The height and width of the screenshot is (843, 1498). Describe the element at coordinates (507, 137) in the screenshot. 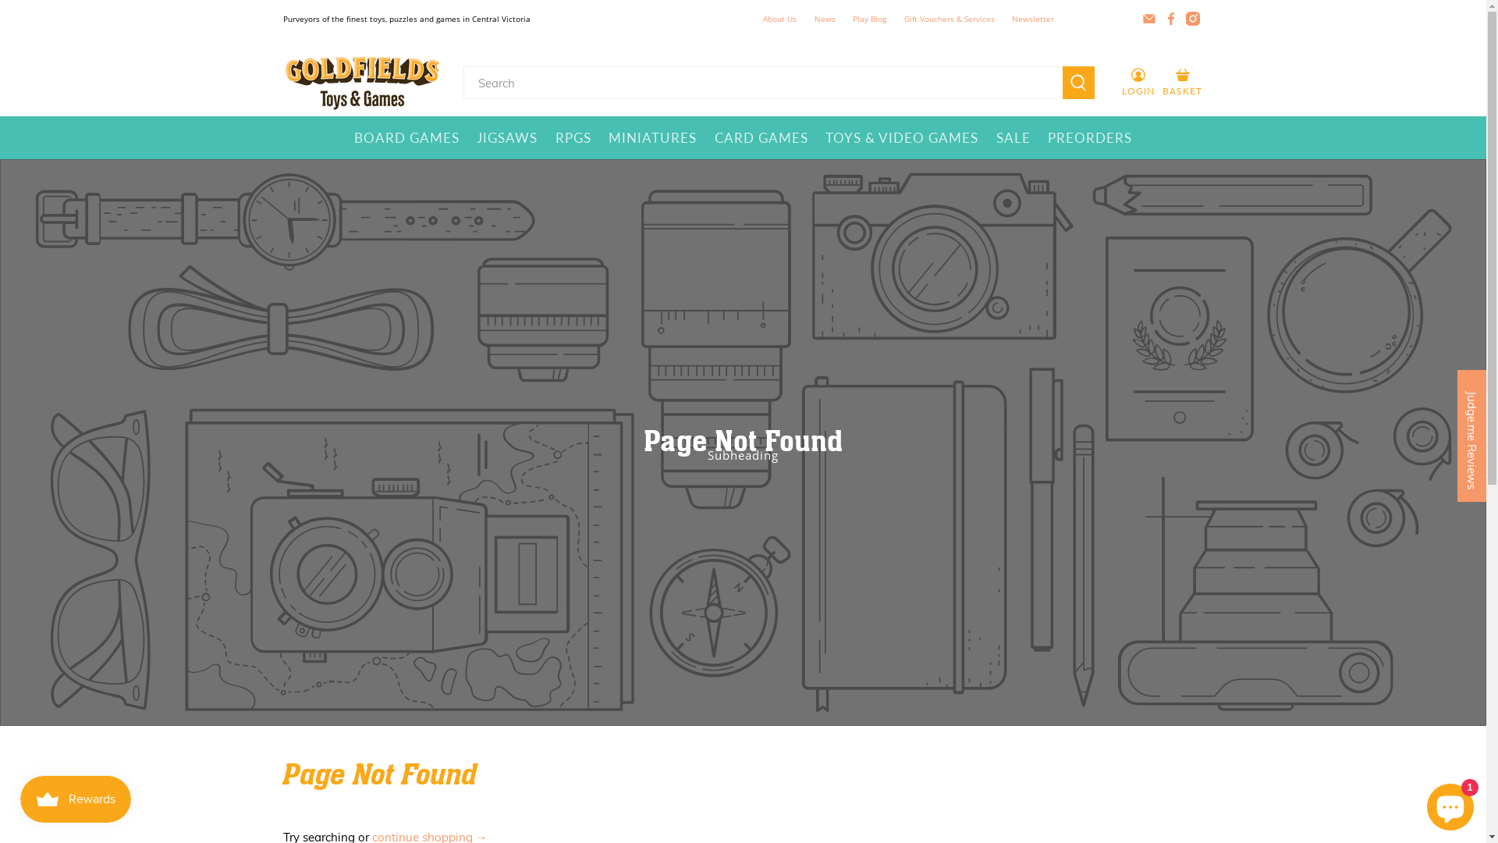

I see `'JIGSAWS'` at that location.